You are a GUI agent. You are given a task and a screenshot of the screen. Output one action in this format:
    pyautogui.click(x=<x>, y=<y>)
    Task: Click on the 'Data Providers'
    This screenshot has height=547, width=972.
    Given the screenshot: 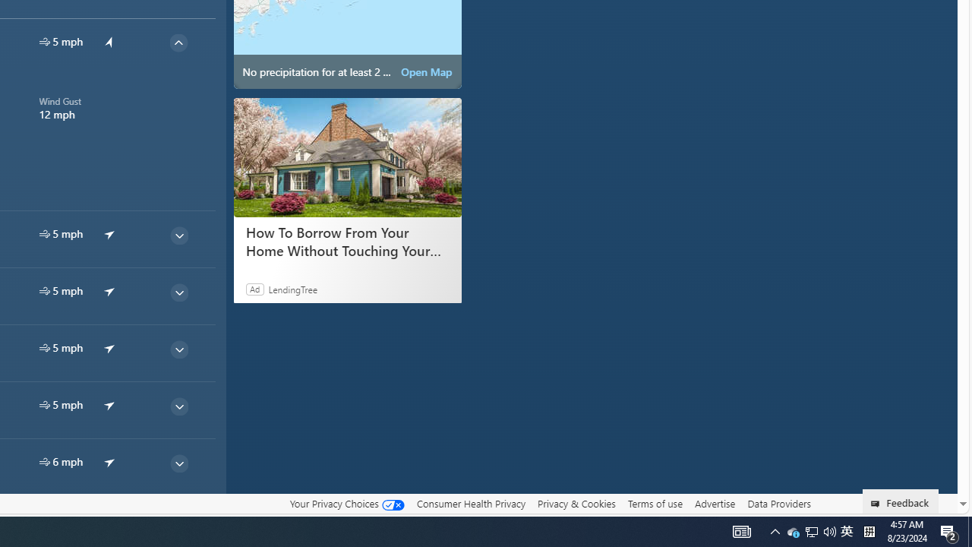 What is the action you would take?
    pyautogui.click(x=778, y=504)
    